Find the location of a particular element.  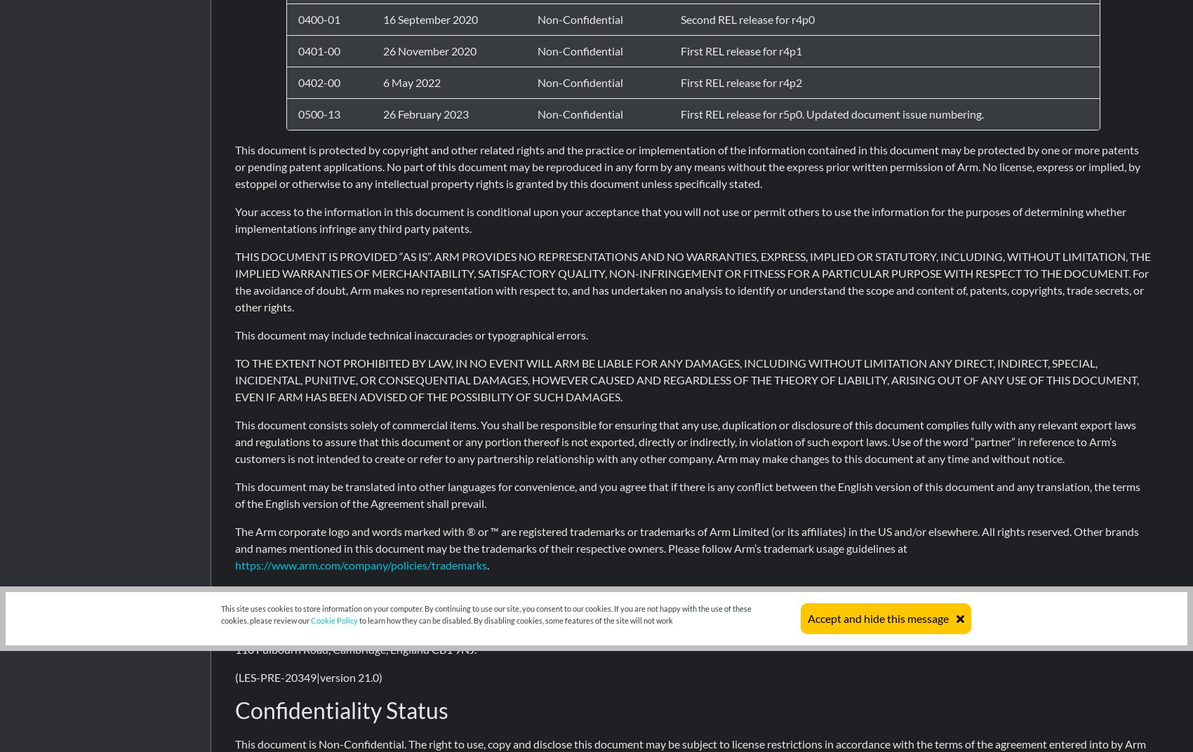

'0400-01' is located at coordinates (319, 18).